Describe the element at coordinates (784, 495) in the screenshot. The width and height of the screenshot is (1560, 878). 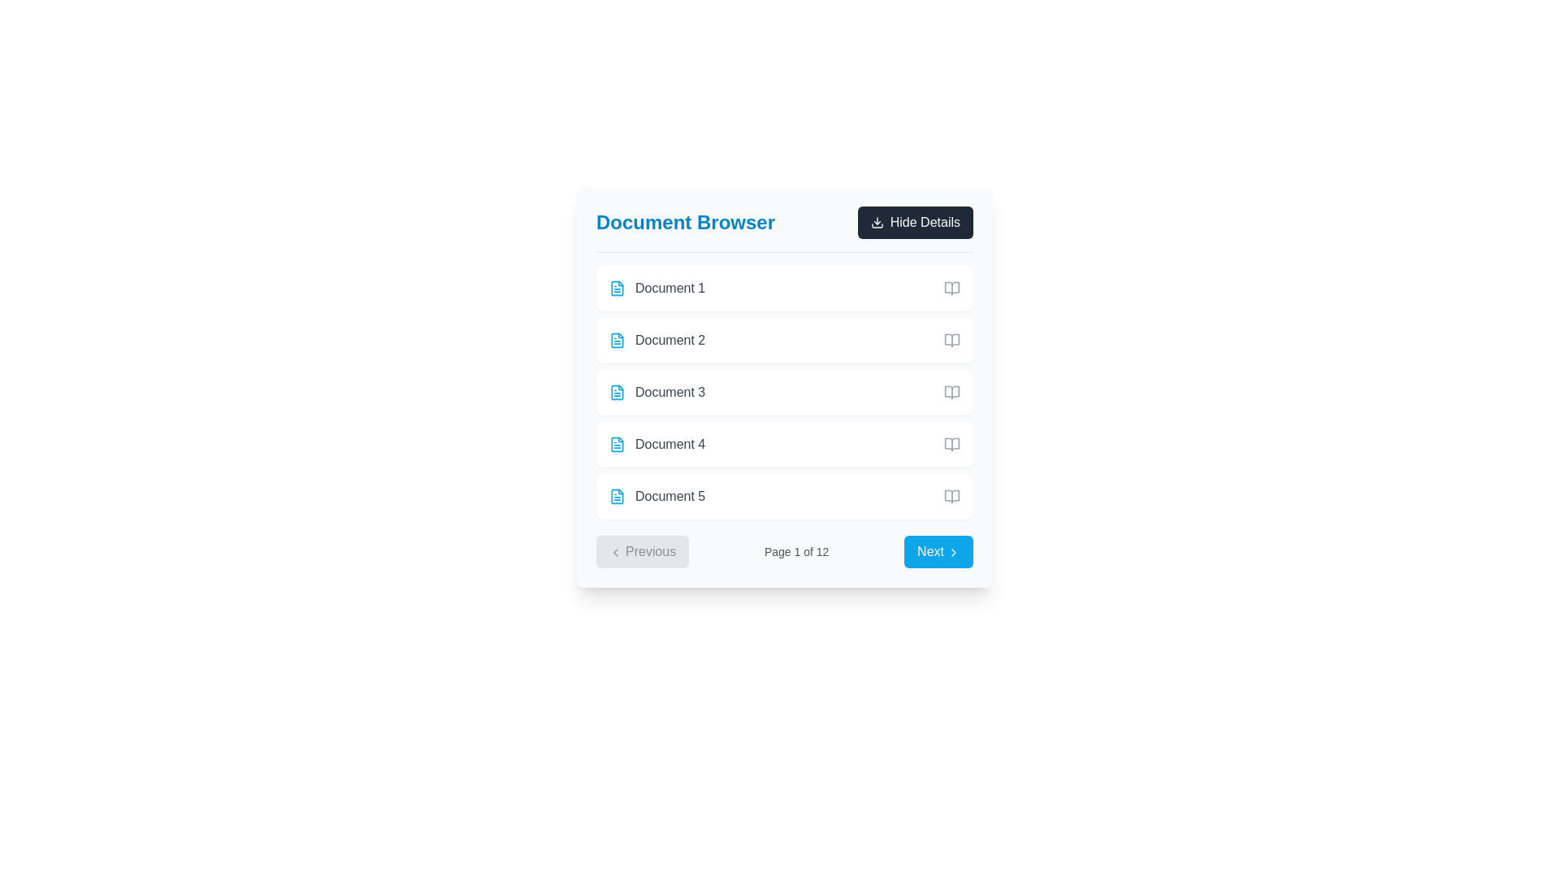
I see `the document item titled 'Document 5' in the Document Browser list, which is the fifth item in the vertical stack of cards` at that location.